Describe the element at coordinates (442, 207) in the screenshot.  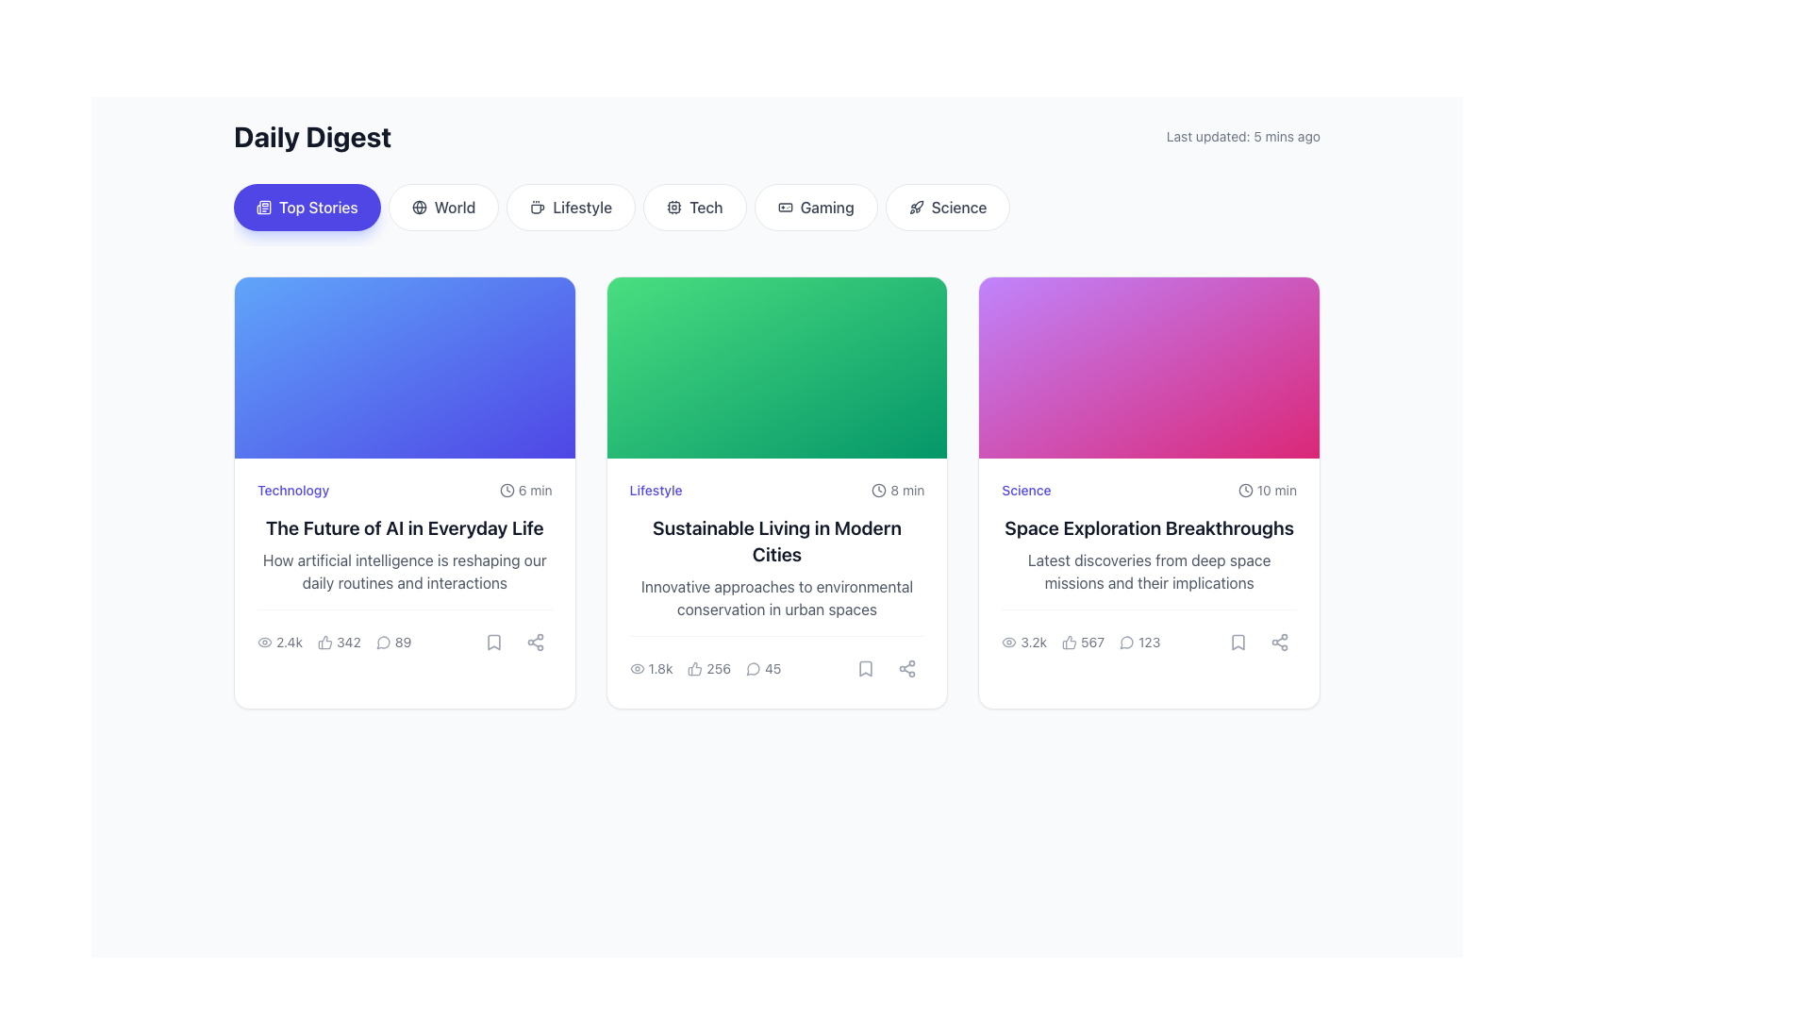
I see `the 'World' category selector button, which is the second button in a horizontal list located near the top of the page, positioned between the 'Top Stories' and 'Lifestyle' buttons` at that location.